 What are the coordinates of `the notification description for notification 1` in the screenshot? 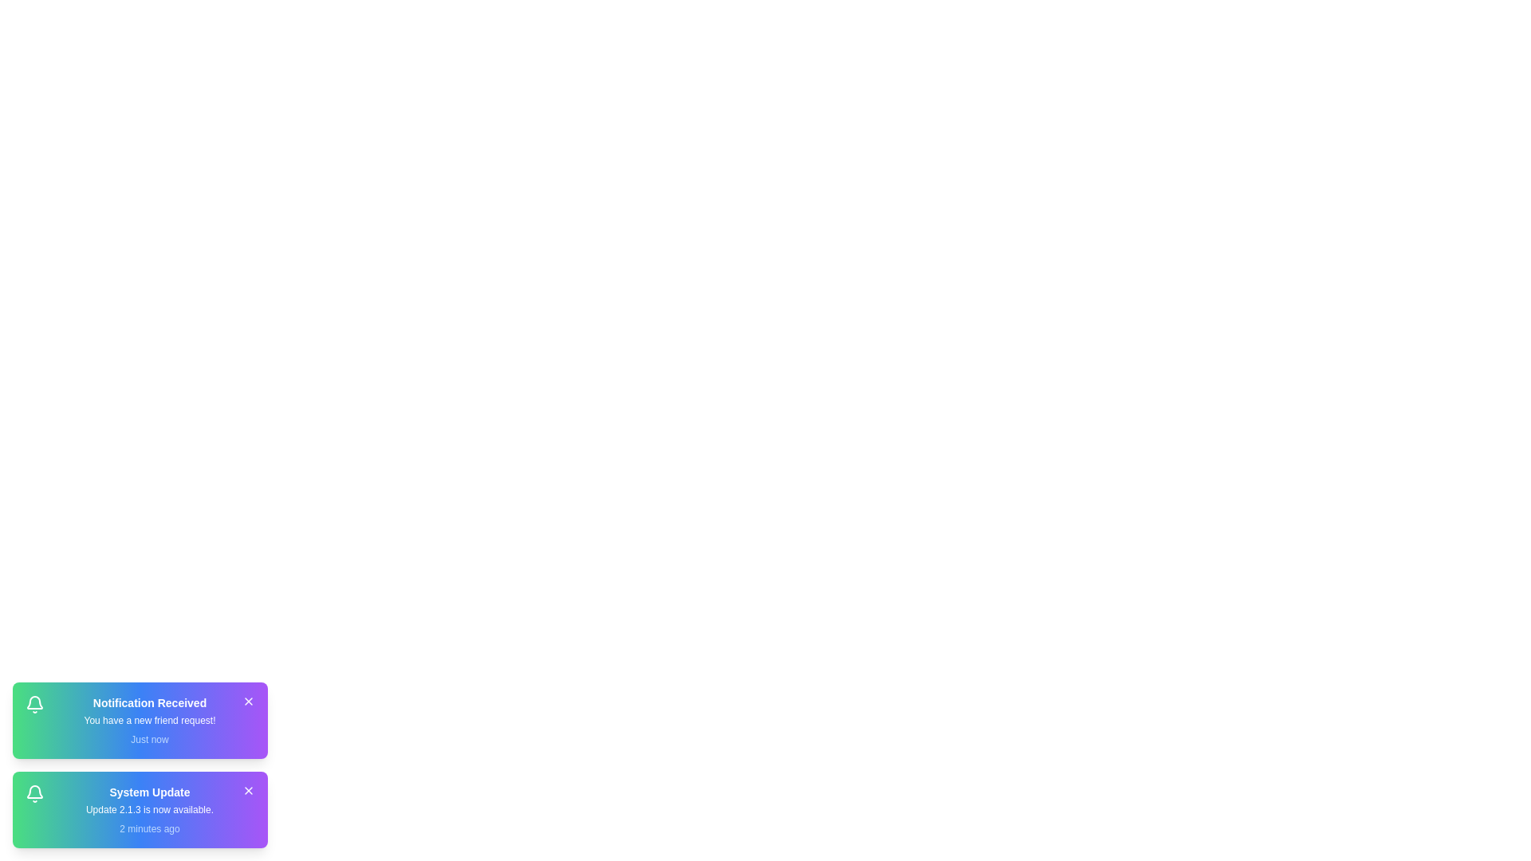 It's located at (149, 720).